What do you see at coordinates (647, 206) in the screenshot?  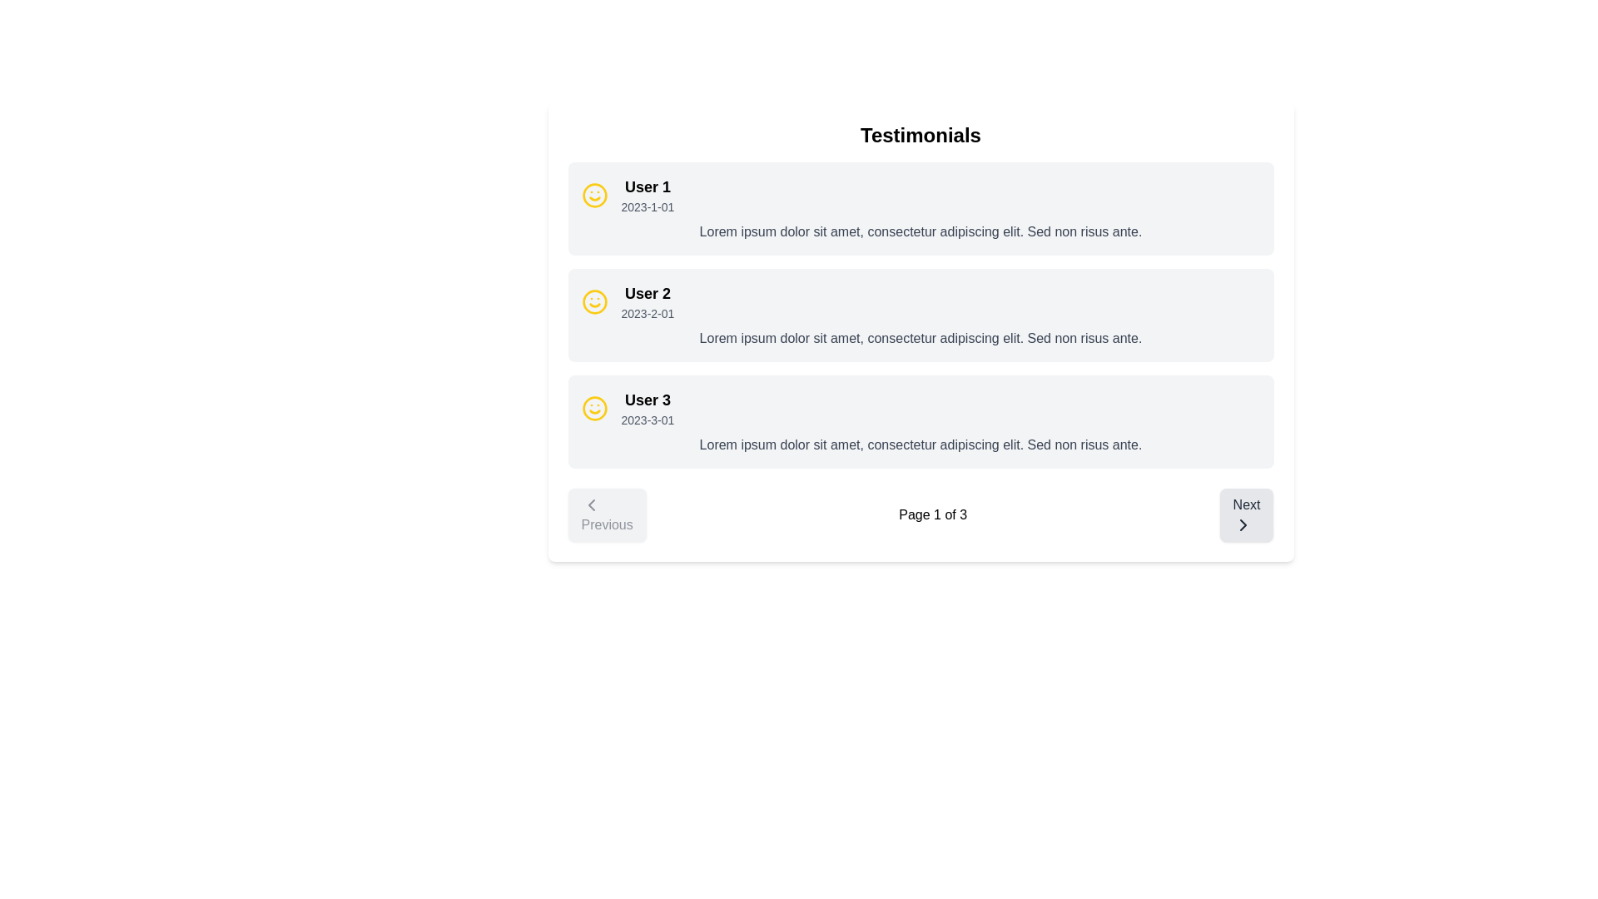 I see `the static text element displaying the date '2023-1-01' located under 'User 1' in the testimonial layout` at bounding box center [647, 206].